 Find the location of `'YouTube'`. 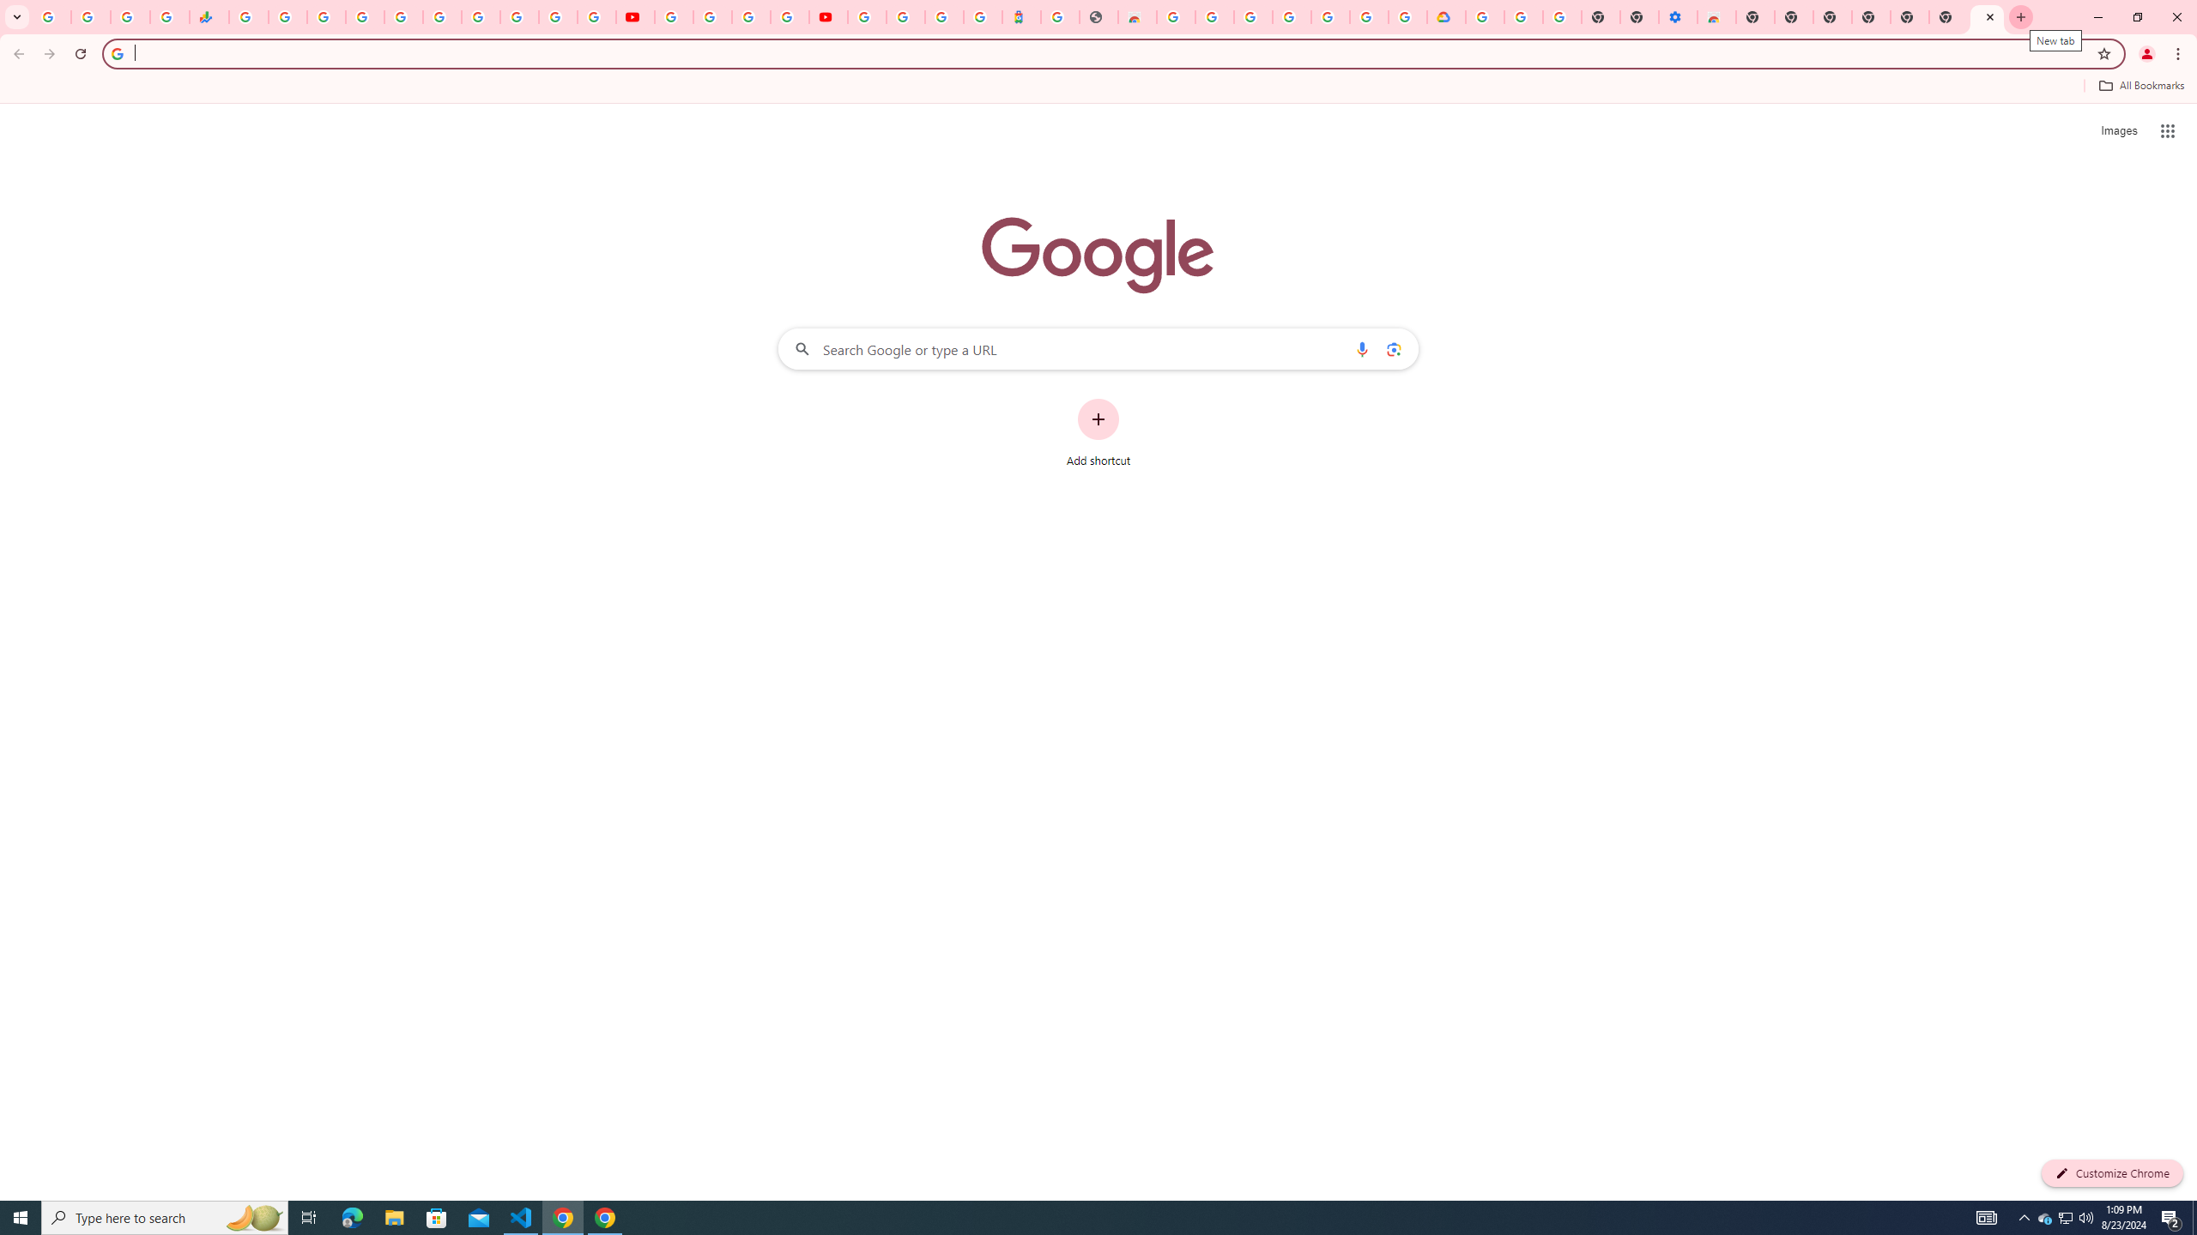

'YouTube' is located at coordinates (673, 16).